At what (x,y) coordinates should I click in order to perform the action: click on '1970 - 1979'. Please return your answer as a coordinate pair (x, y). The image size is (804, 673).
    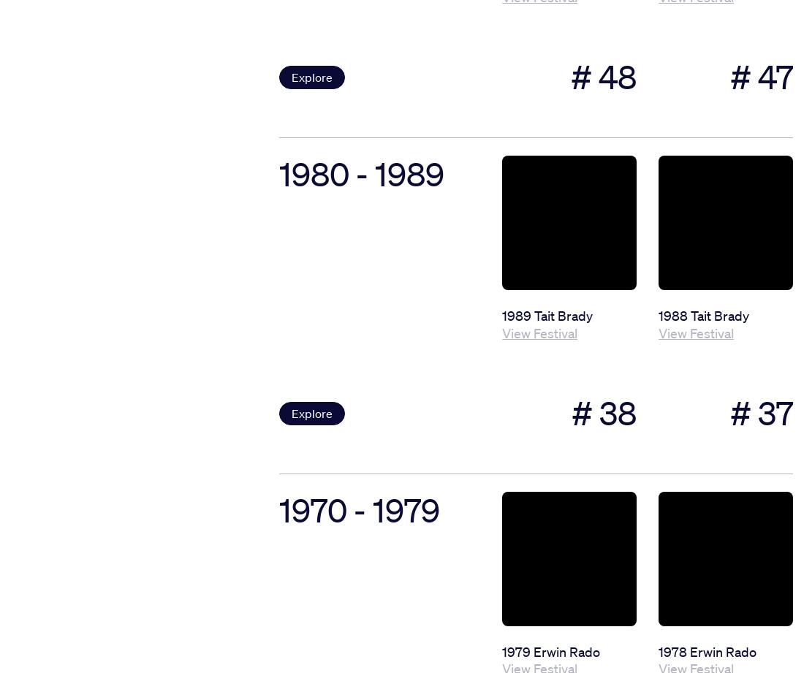
    Looking at the image, I should click on (359, 509).